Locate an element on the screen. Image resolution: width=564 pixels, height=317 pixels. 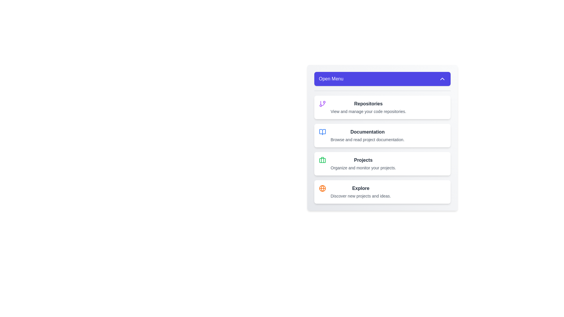
the Chevron icon located in the farthest right region of the 'Open Menu' button is located at coordinates (442, 79).